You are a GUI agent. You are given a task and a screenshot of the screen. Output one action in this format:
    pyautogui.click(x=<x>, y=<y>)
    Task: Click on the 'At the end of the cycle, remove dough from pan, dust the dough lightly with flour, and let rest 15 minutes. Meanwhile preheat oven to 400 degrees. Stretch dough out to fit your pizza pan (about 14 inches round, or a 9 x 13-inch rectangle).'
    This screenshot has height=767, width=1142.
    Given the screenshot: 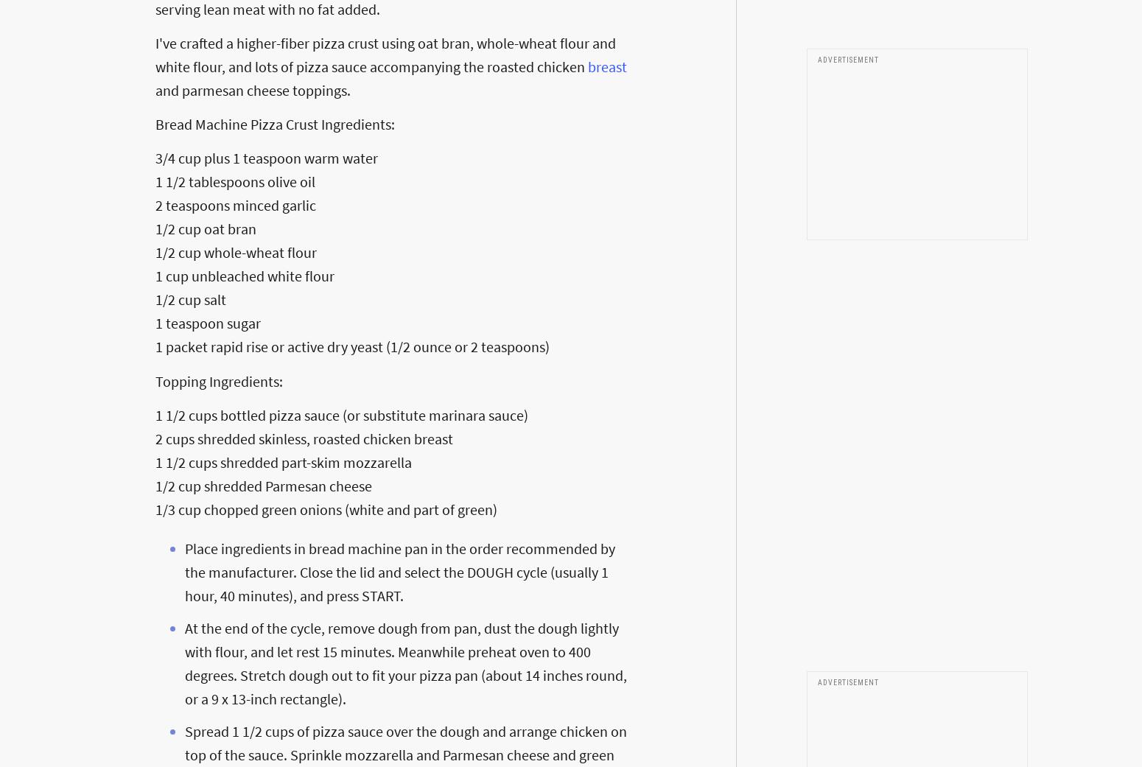 What is the action you would take?
    pyautogui.click(x=406, y=662)
    